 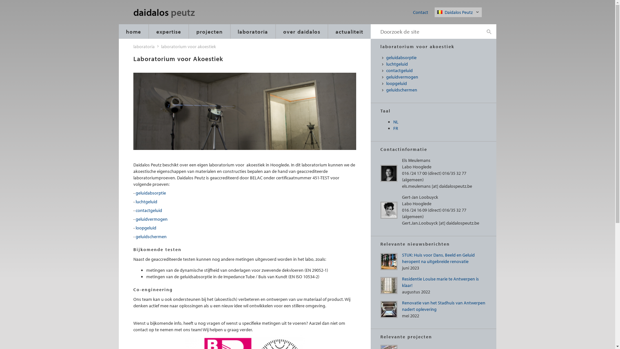 What do you see at coordinates (150, 193) in the screenshot?
I see `'geluidabsorptie'` at bounding box center [150, 193].